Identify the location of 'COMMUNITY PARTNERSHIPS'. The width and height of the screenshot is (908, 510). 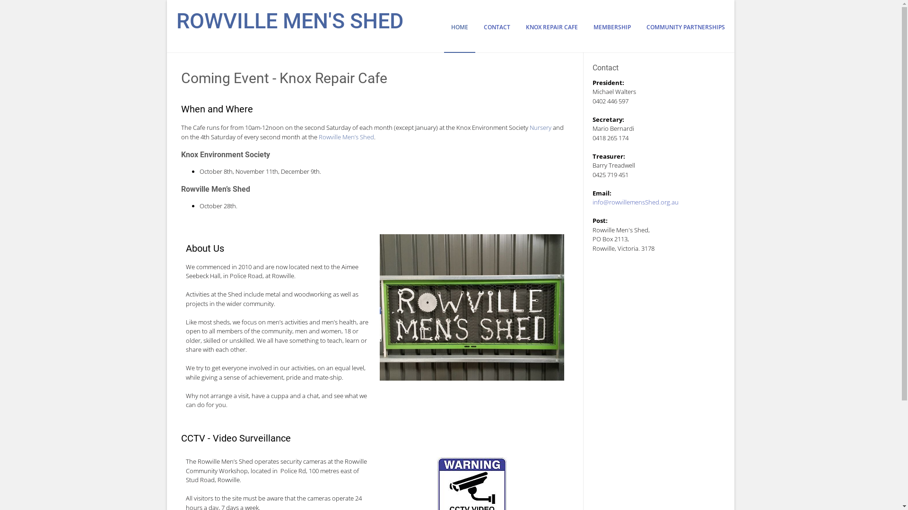
(682, 34).